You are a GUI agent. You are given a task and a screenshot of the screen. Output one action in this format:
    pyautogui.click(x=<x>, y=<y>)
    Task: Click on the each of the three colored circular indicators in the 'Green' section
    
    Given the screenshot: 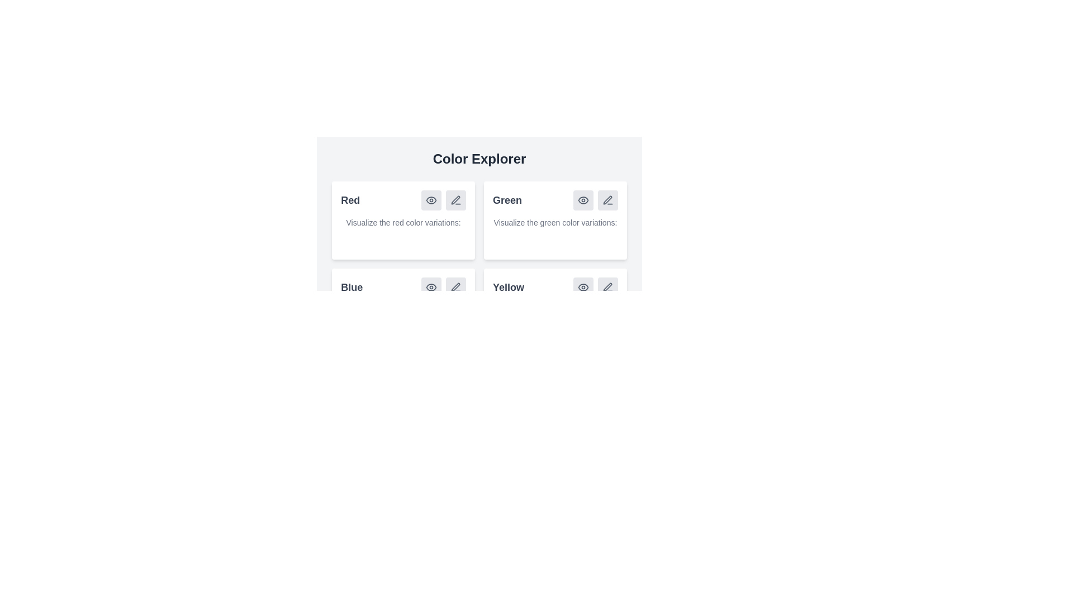 What is the action you would take?
    pyautogui.click(x=555, y=241)
    